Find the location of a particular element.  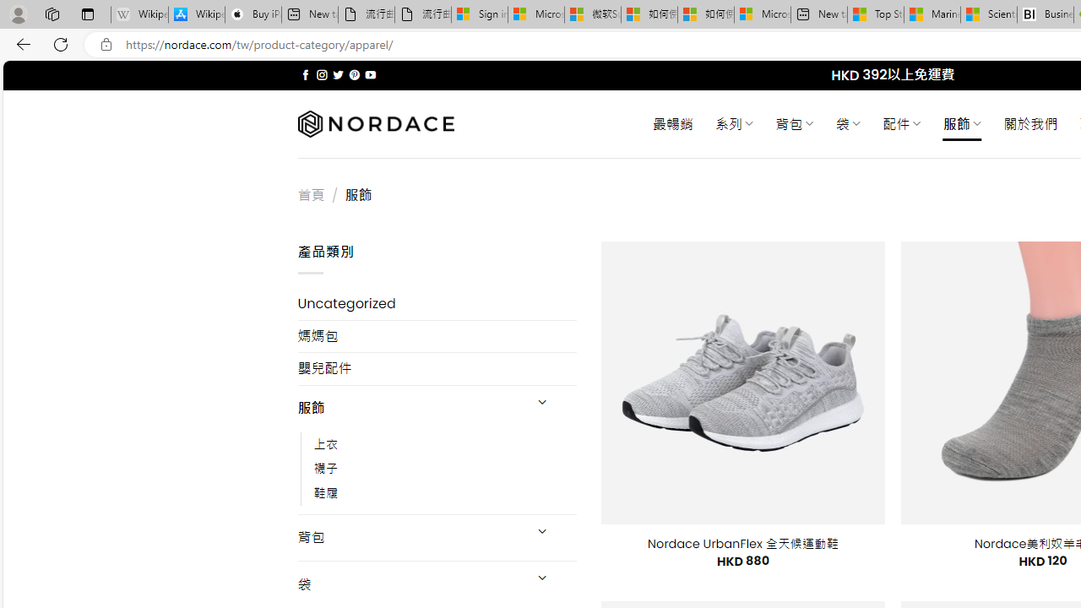

'Follow on Pinterest' is located at coordinates (353, 74).